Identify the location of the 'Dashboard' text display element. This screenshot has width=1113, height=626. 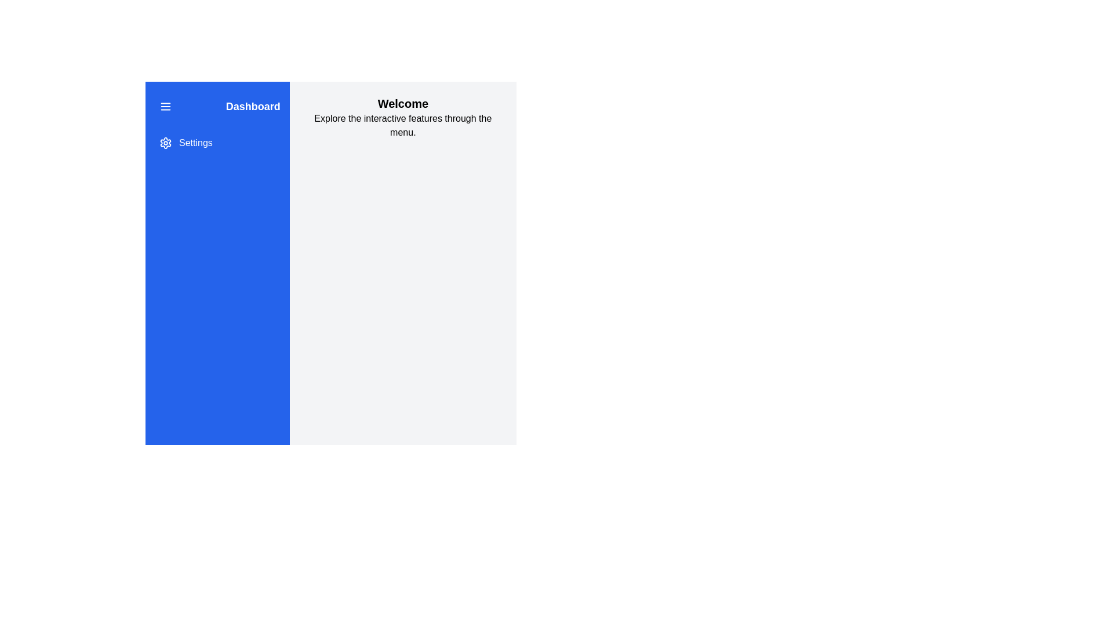
(217, 107).